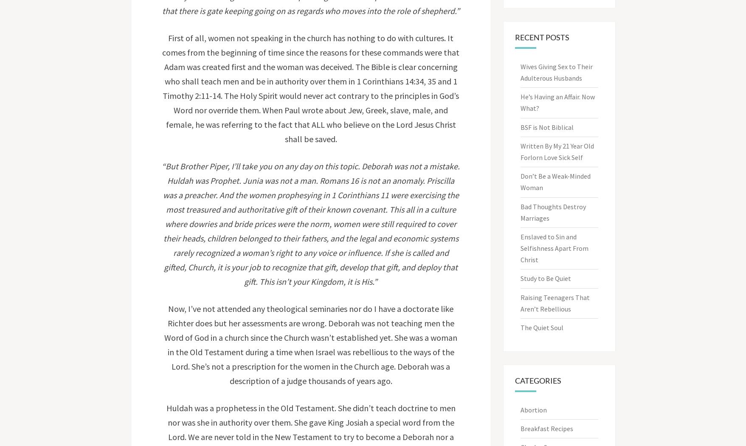  What do you see at coordinates (547, 429) in the screenshot?
I see `'Breakfast Recipes'` at bounding box center [547, 429].